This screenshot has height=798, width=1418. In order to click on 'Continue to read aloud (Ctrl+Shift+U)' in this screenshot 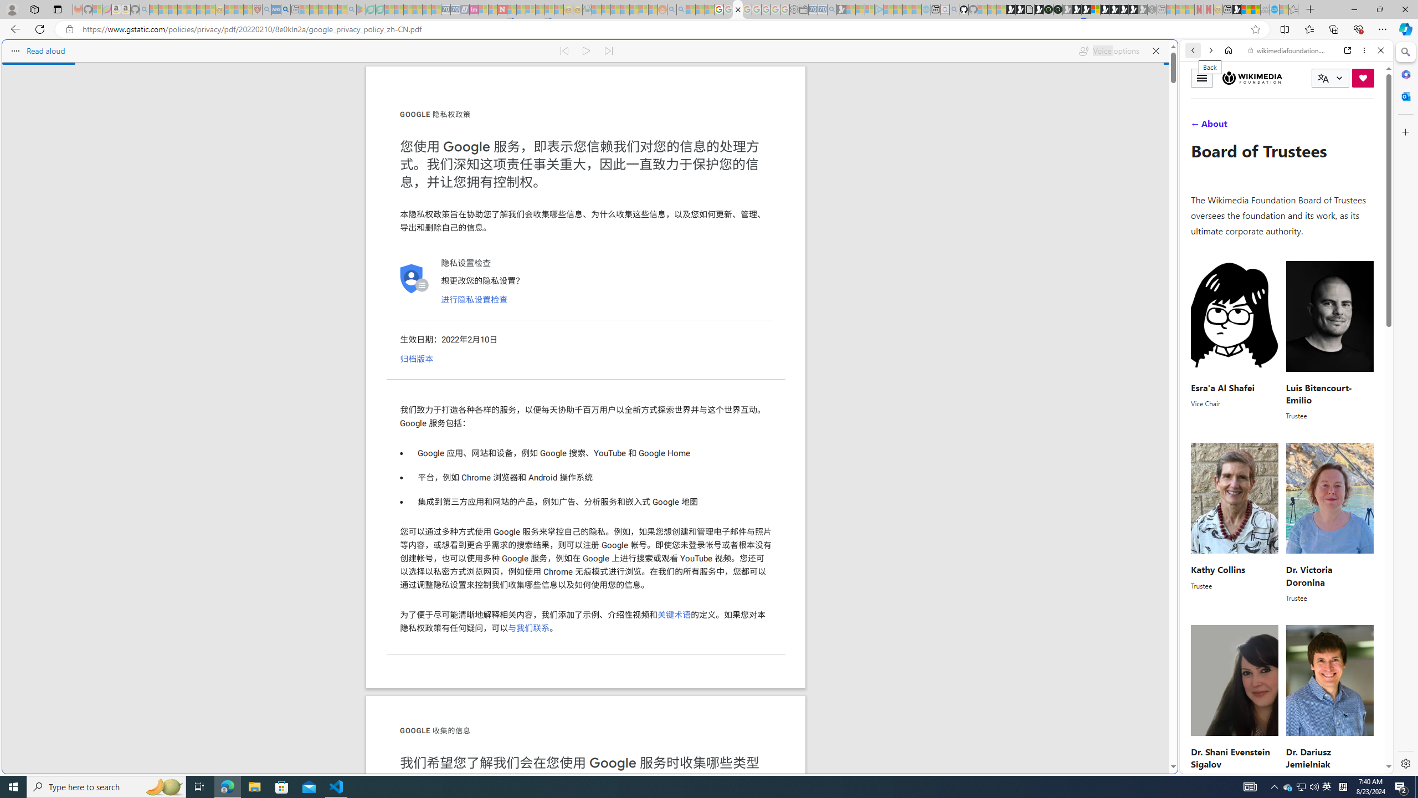, I will do `click(587, 50)`.